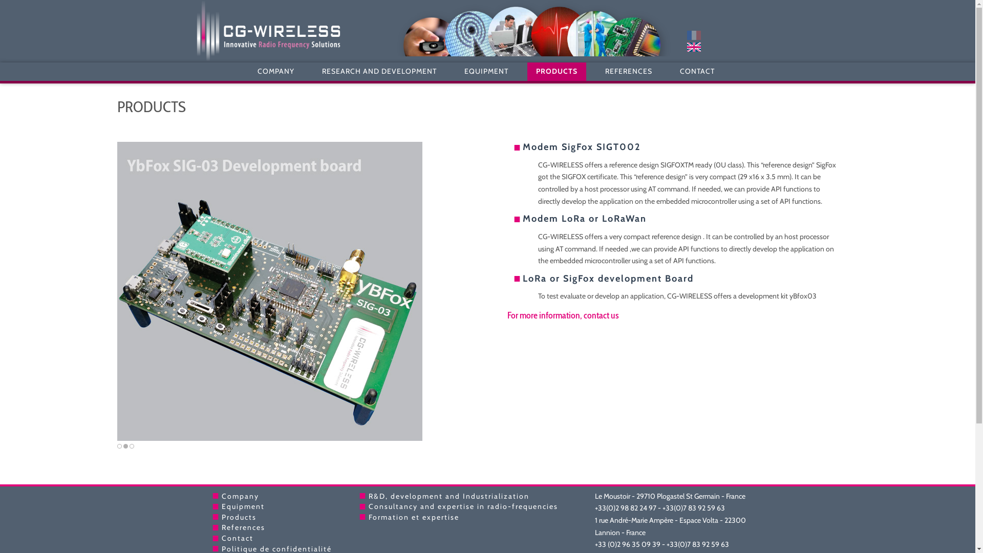 Image resolution: width=983 pixels, height=553 pixels. I want to click on 'Products', so click(238, 517).